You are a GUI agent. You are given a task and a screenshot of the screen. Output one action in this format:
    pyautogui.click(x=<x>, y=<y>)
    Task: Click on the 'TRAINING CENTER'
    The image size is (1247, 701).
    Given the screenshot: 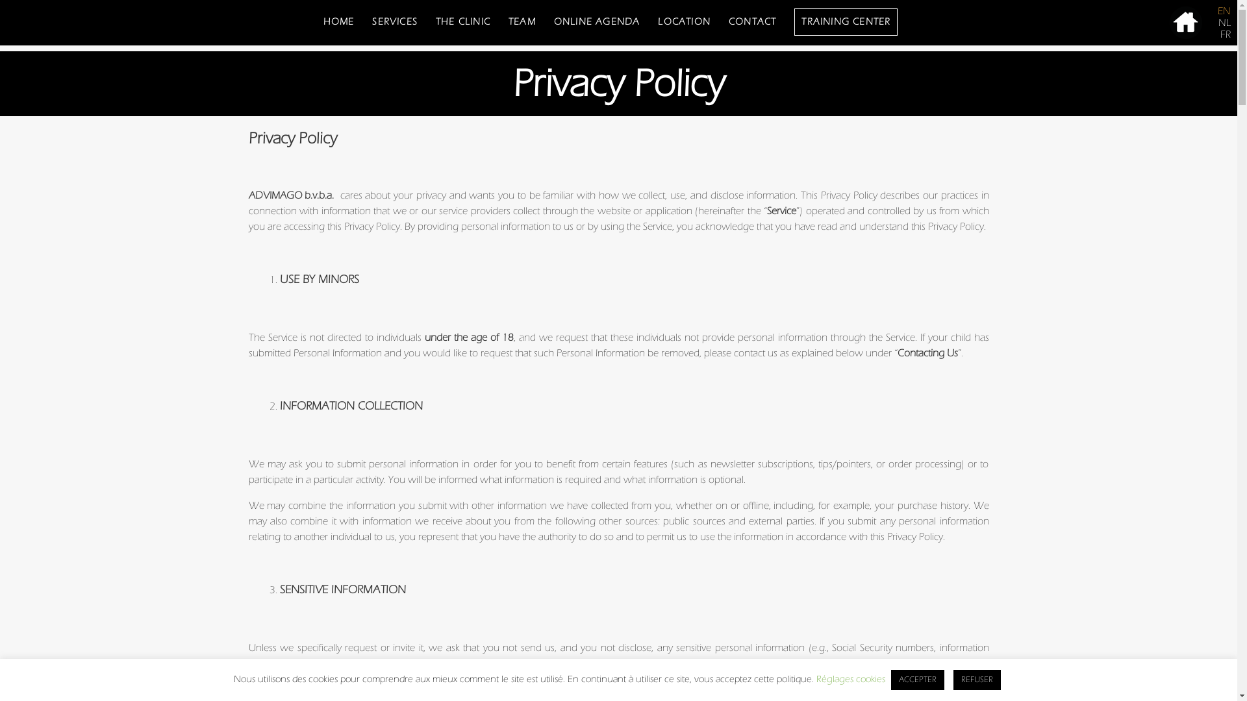 What is the action you would take?
    pyautogui.click(x=846, y=20)
    